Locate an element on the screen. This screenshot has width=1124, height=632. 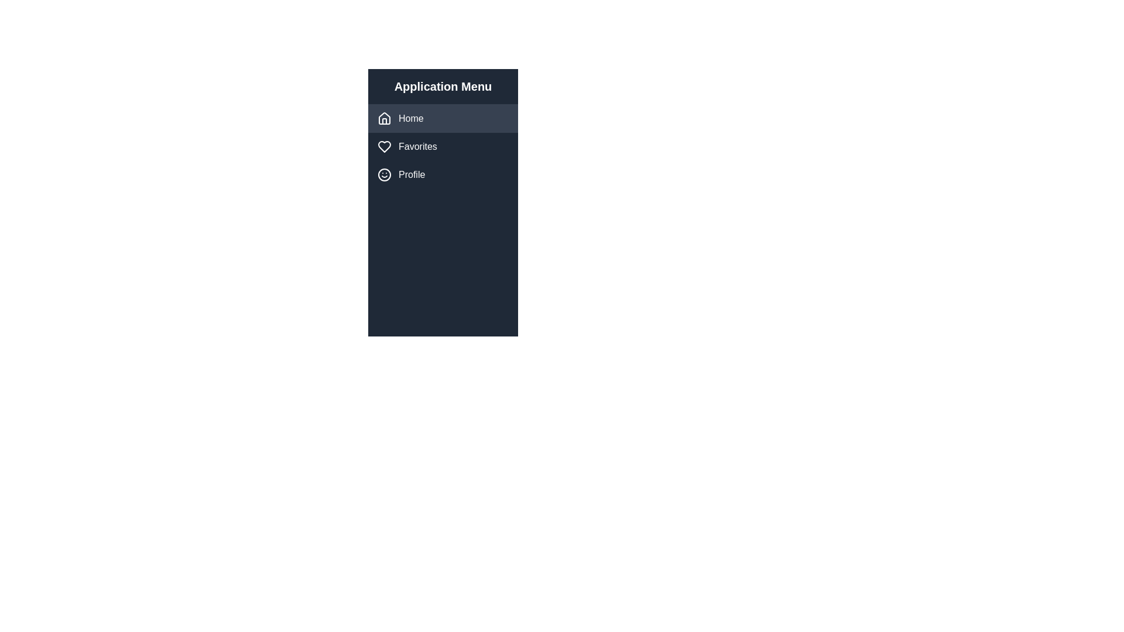
the heart-shaped icon outlined with a white stroke, located beside the 'Favorites' text label in the vertical menu is located at coordinates (385, 146).